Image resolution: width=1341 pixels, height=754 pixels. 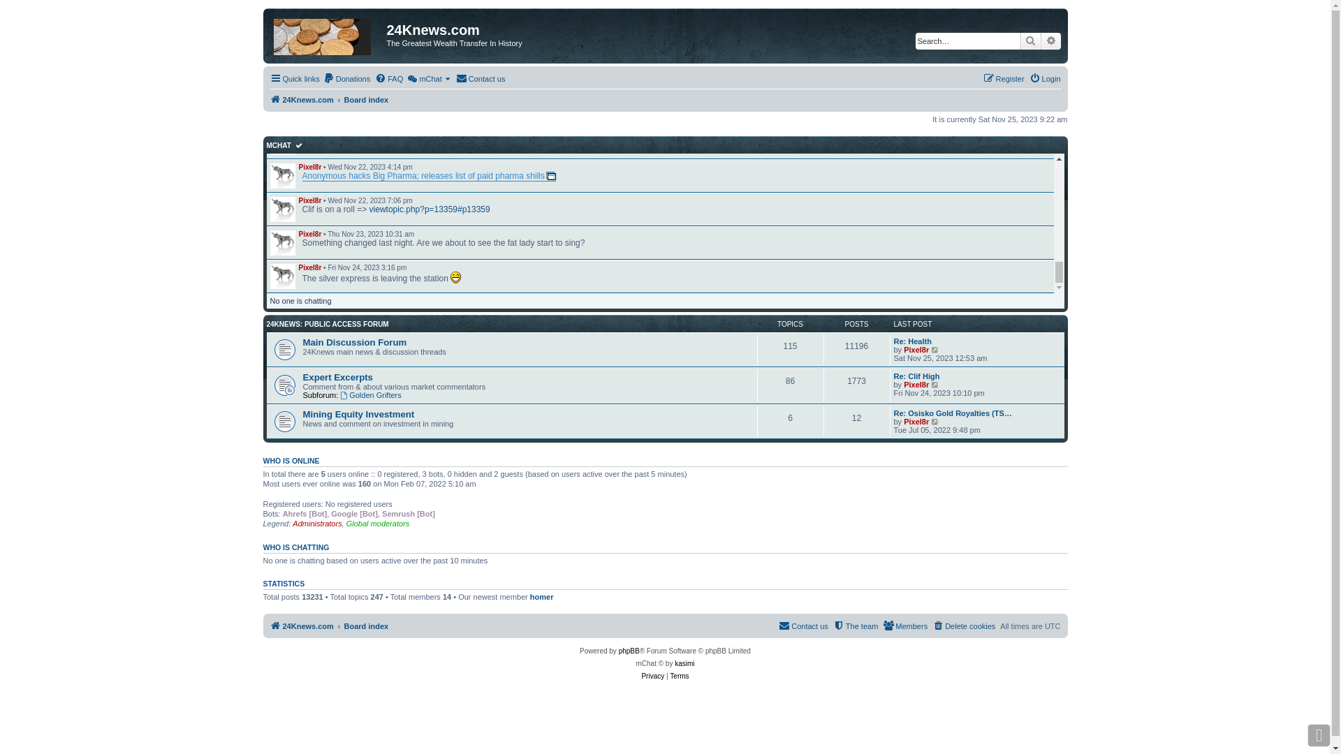 What do you see at coordinates (369, 209) in the screenshot?
I see `'viewtopic.php?p=13359#p13359'` at bounding box center [369, 209].